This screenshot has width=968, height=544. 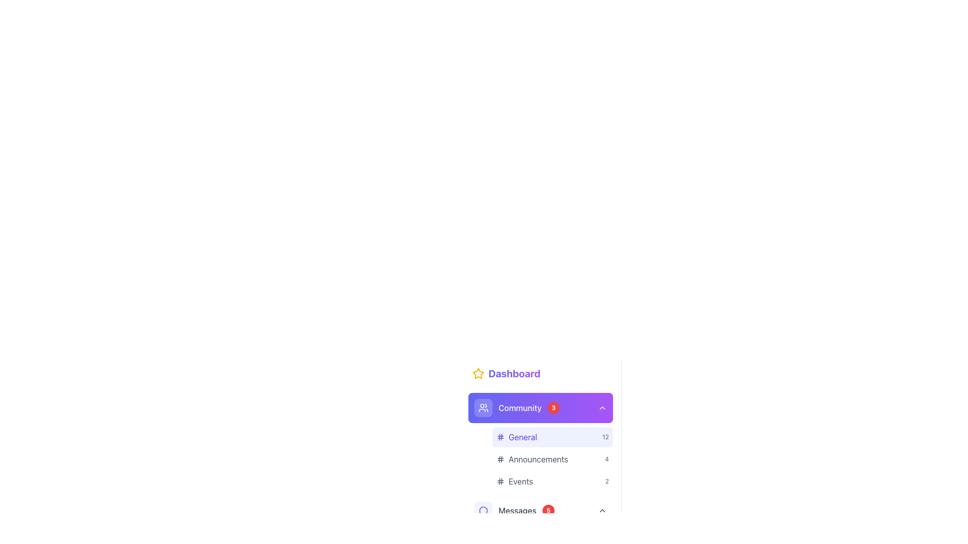 What do you see at coordinates (552, 481) in the screenshot?
I see `the 'Events' button located under the 'Community' section, specifically as the third item in the vertical list under 'General' and 'Announcements'` at bounding box center [552, 481].